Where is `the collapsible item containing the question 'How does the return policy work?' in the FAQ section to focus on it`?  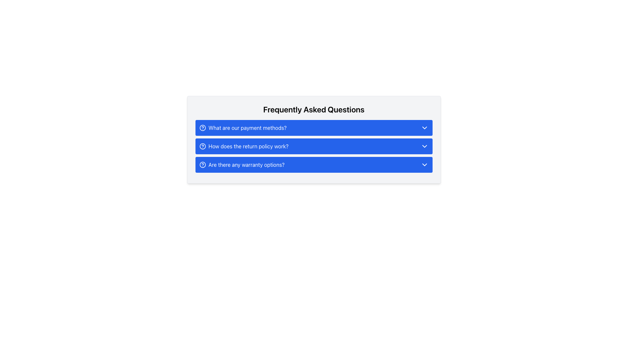 the collapsible item containing the question 'How does the return policy work?' in the FAQ section to focus on it is located at coordinates (313, 146).